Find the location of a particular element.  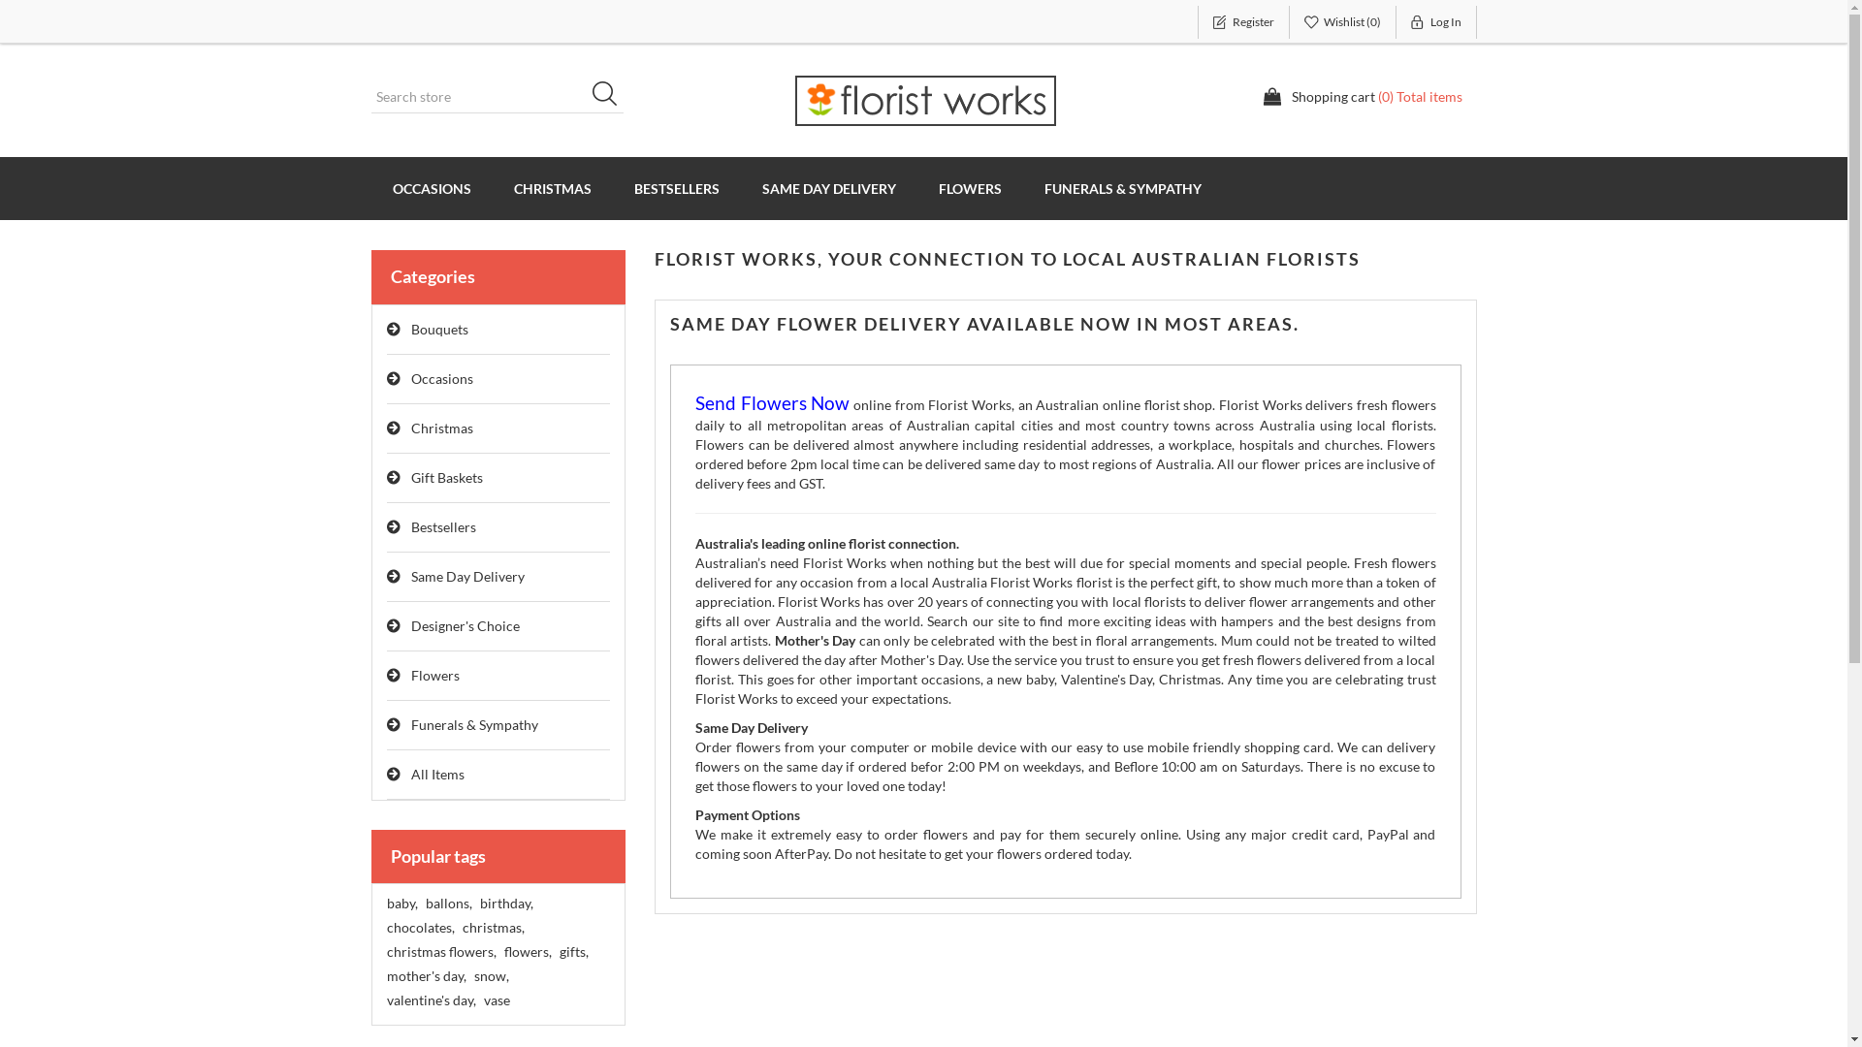

'FUNERALS & SYMPATHY' is located at coordinates (1021, 188).